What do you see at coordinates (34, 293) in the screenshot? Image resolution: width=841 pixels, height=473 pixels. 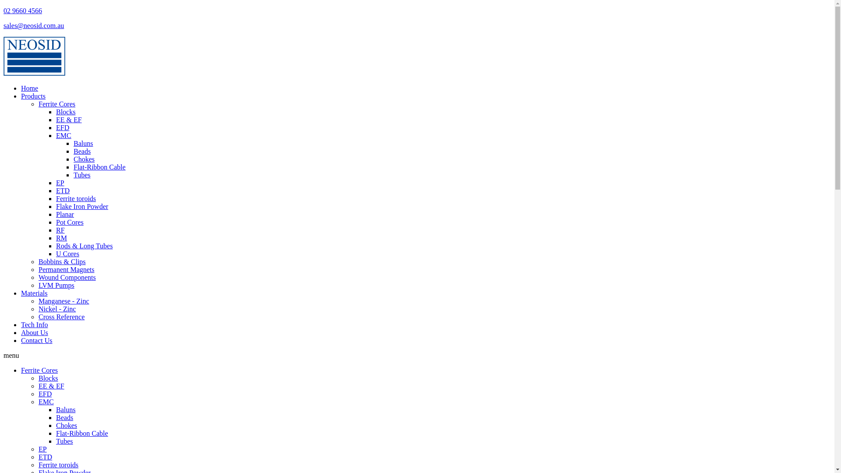 I see `'Materials'` at bounding box center [34, 293].